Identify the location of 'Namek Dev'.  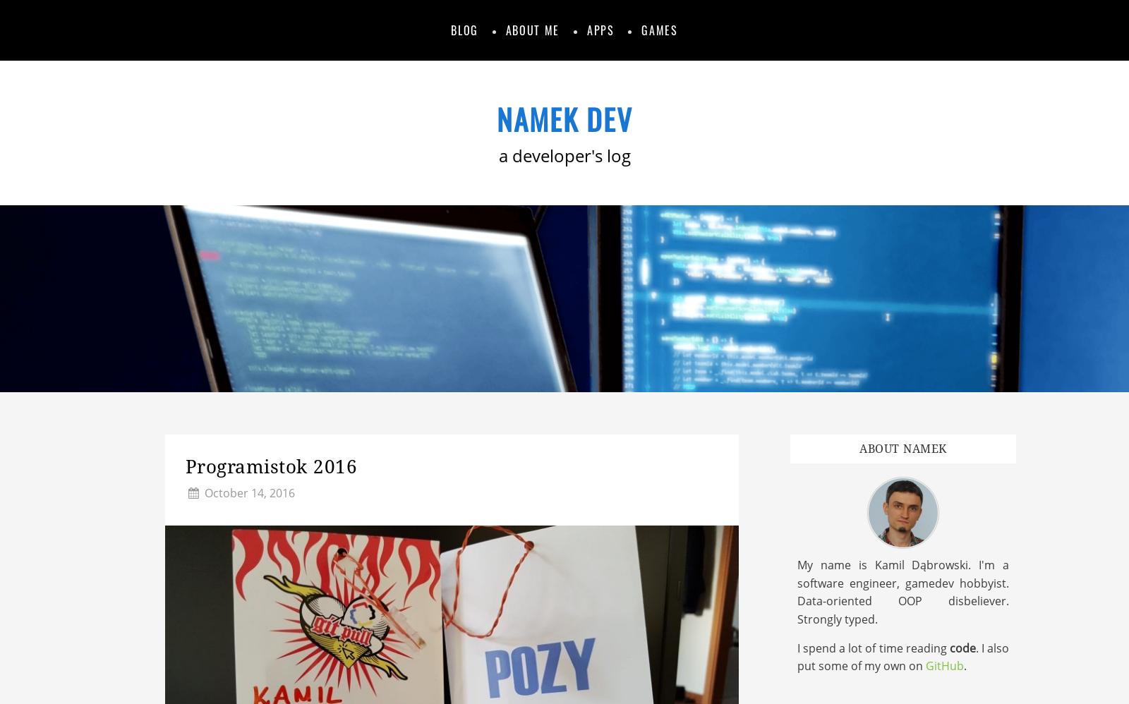
(564, 118).